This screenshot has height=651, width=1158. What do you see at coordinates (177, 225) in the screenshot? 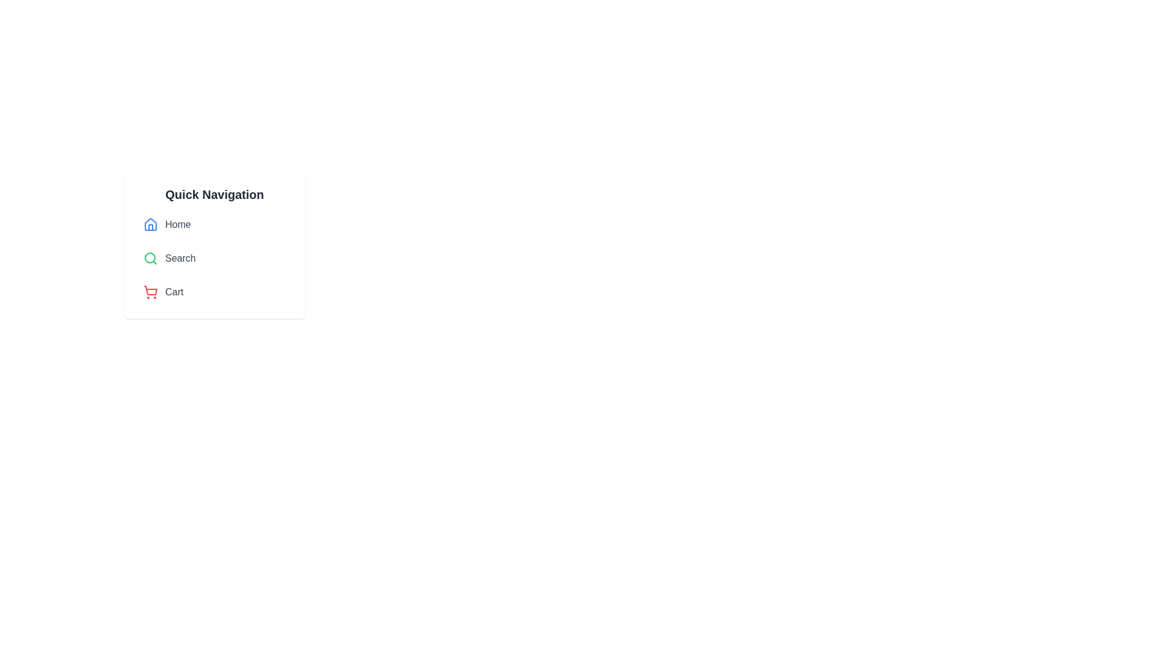
I see `the hyperlink in the Quick Navigation section, which is positioned to the right of a house icon, to trigger a visual change` at bounding box center [177, 225].